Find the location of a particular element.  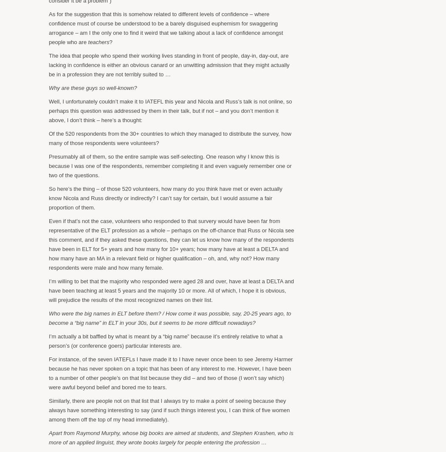

'Similarly, there are people not on that list that I always try to make a point of seeing because they always have something interesting to say (and if such things interest you, I can think of five women among them off the top of my head immediately).' is located at coordinates (48, 410).